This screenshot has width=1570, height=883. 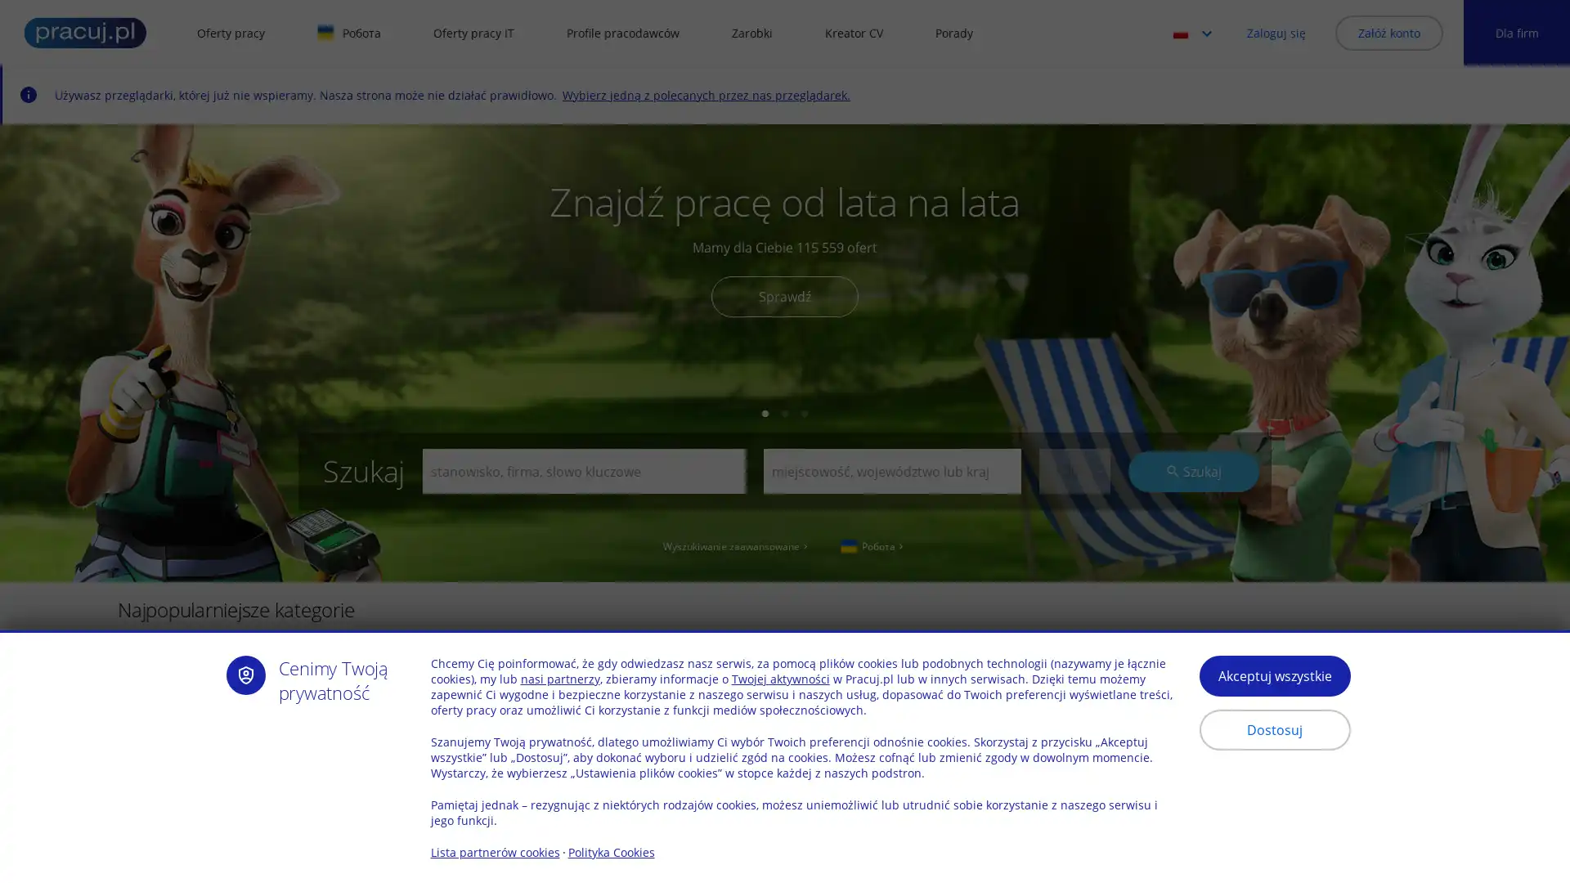 I want to click on + 45 km, so click(x=1074, y=725).